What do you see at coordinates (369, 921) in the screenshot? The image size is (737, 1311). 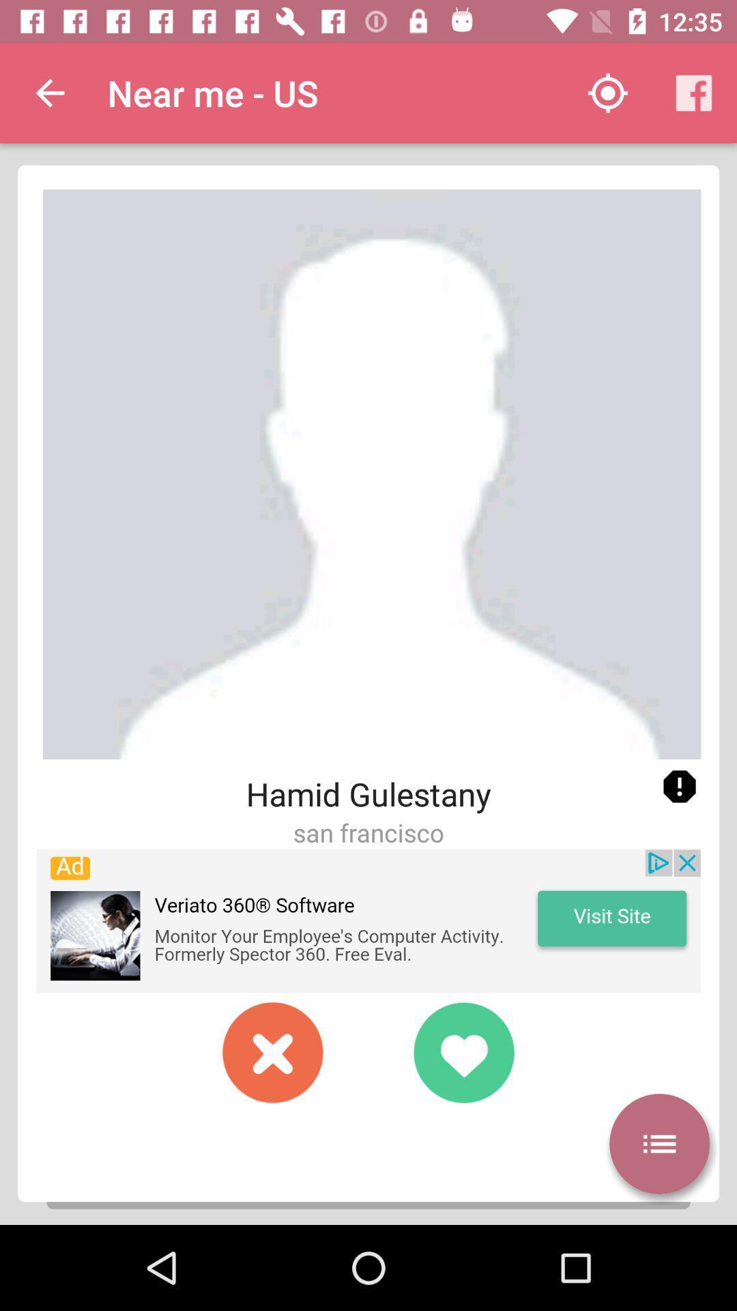 I see `it and pop up advertisement` at bounding box center [369, 921].